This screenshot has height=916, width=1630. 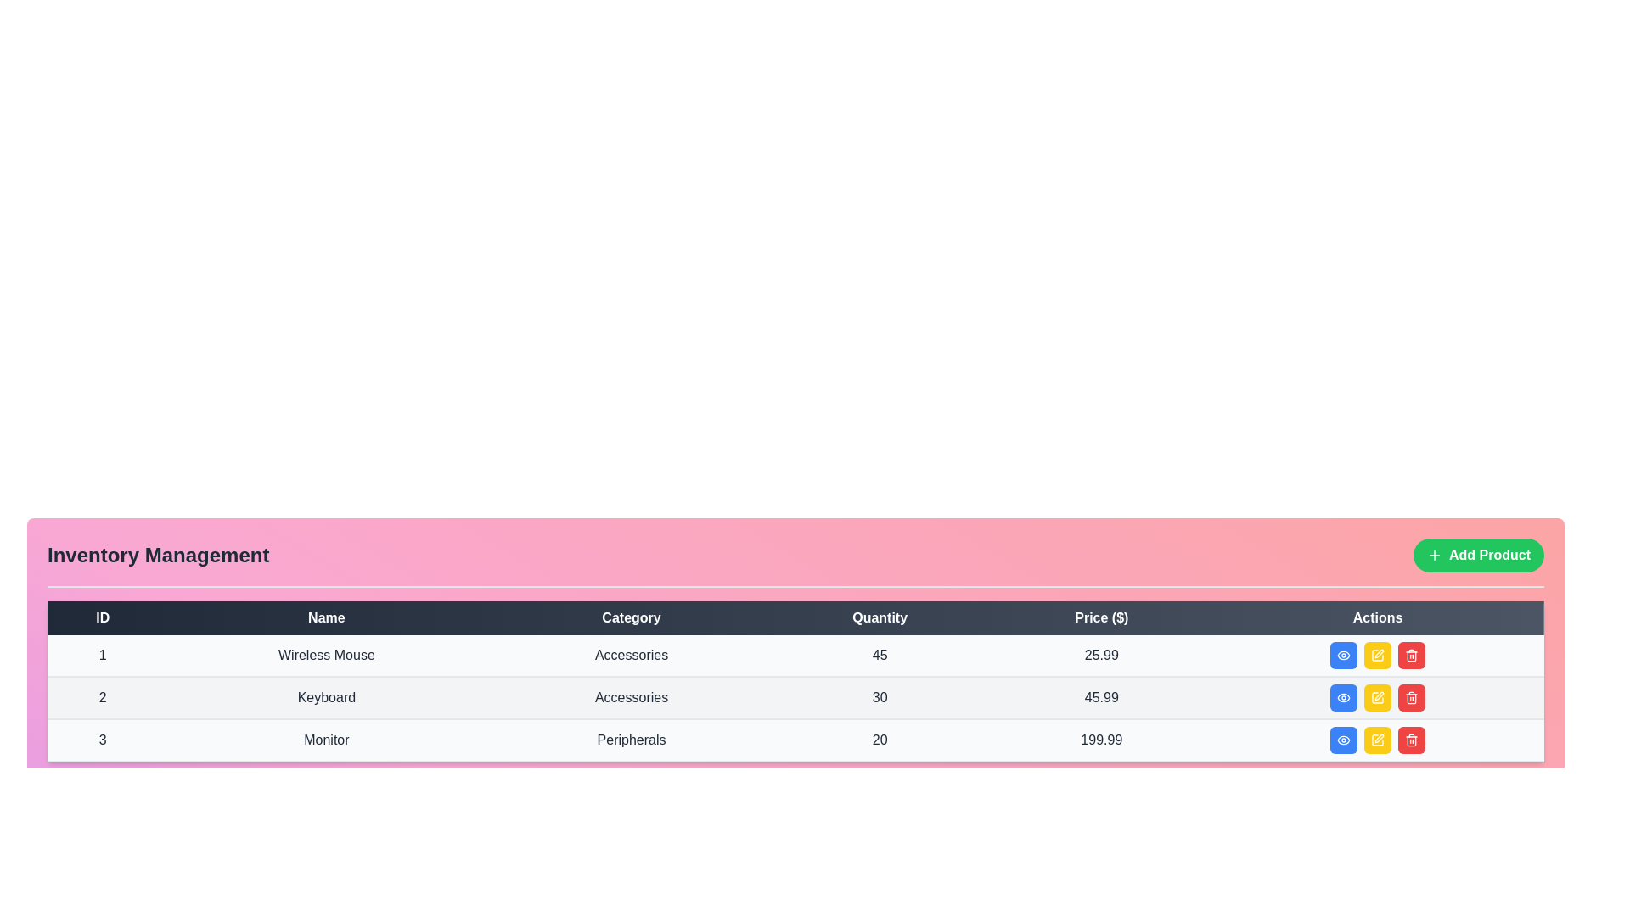 I want to click on the static text element displaying 'Accessories' in the third column of the second row of the table, which indicates the product category, so click(x=631, y=697).